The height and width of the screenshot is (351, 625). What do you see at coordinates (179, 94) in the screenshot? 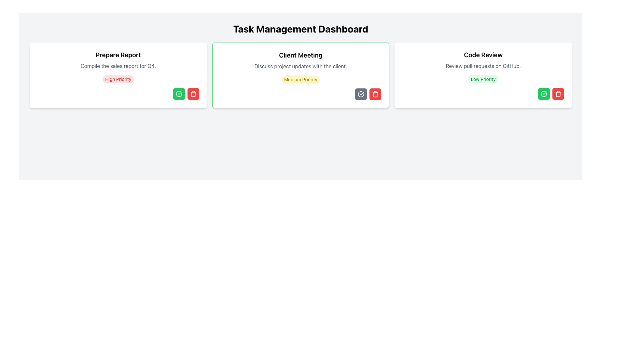
I see `the action button located in the bottom-right corner of the 'Prepare Report' card for tooltip or additional feedback` at bounding box center [179, 94].